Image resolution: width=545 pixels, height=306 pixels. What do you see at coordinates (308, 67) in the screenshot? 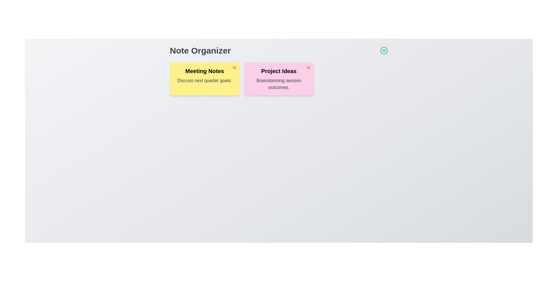
I see `the Close/Delete button located at the top-right corner of the 'Project Ideas' card` at bounding box center [308, 67].